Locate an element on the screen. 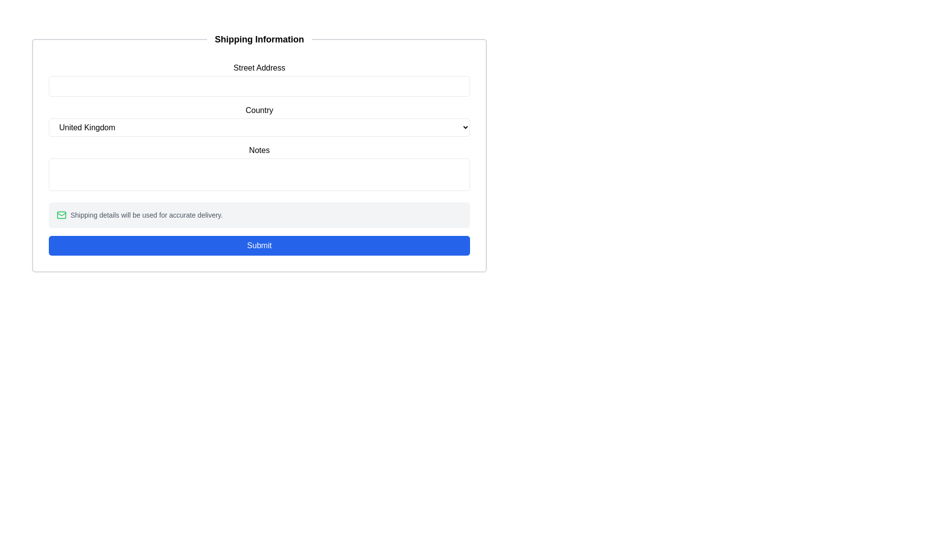  the dropdown menu displaying 'United Kingdom' to enable keyboard navigation is located at coordinates (259, 127).